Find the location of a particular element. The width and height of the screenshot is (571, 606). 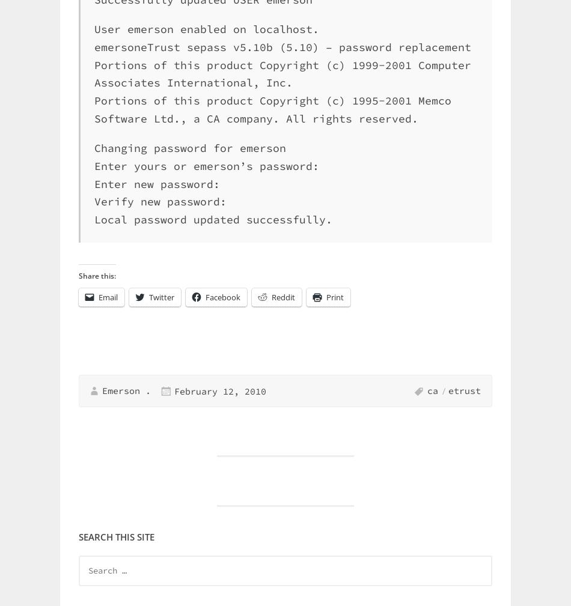

'Local password updated successfully.' is located at coordinates (213, 218).